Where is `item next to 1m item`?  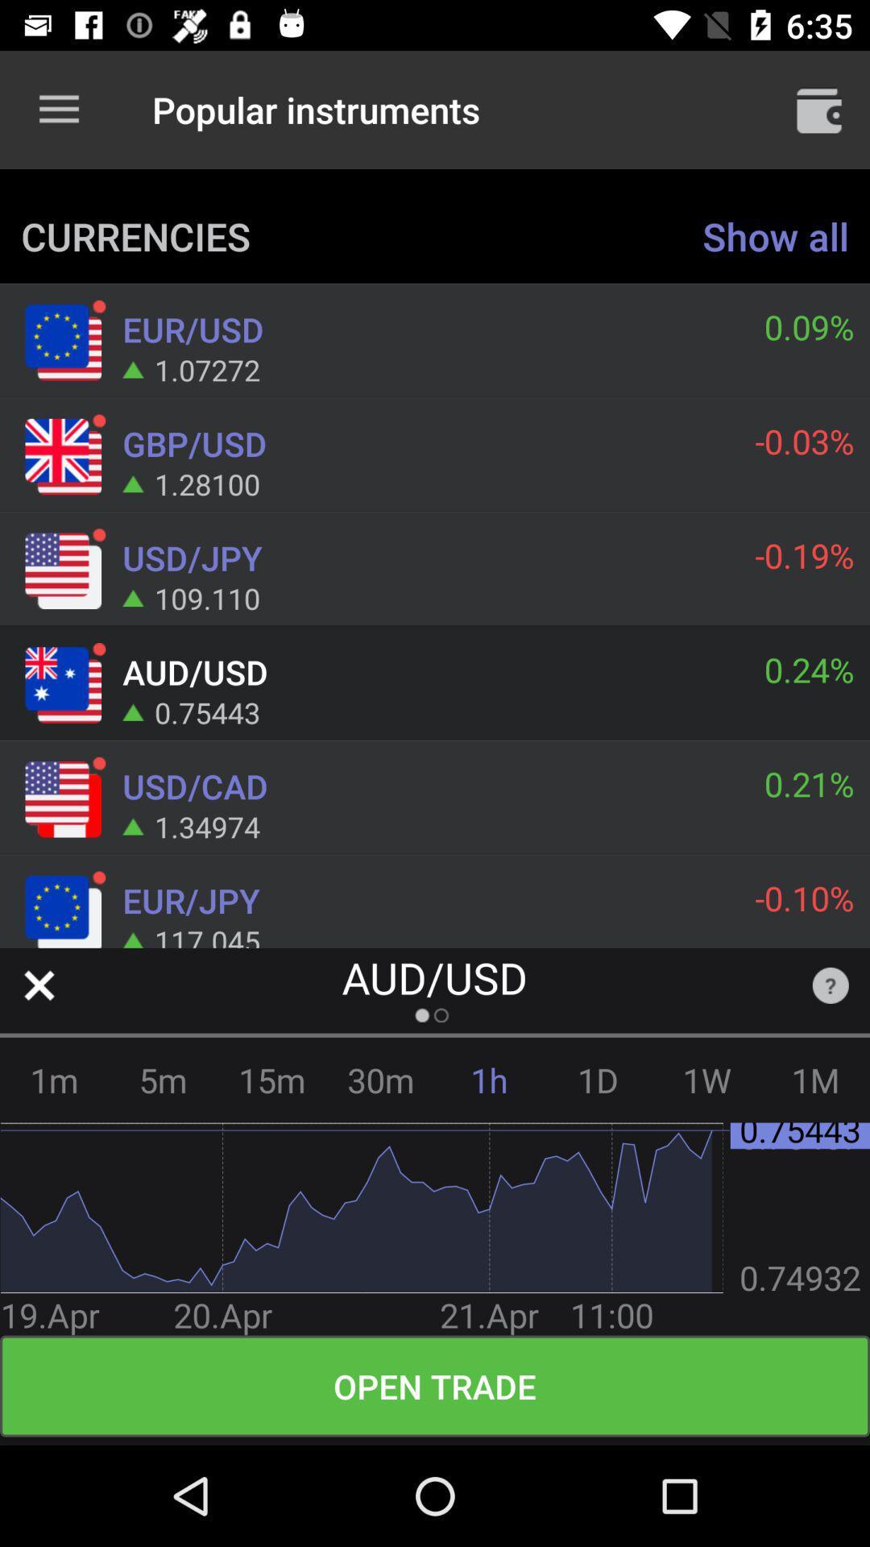
item next to 1m item is located at coordinates (163, 1080).